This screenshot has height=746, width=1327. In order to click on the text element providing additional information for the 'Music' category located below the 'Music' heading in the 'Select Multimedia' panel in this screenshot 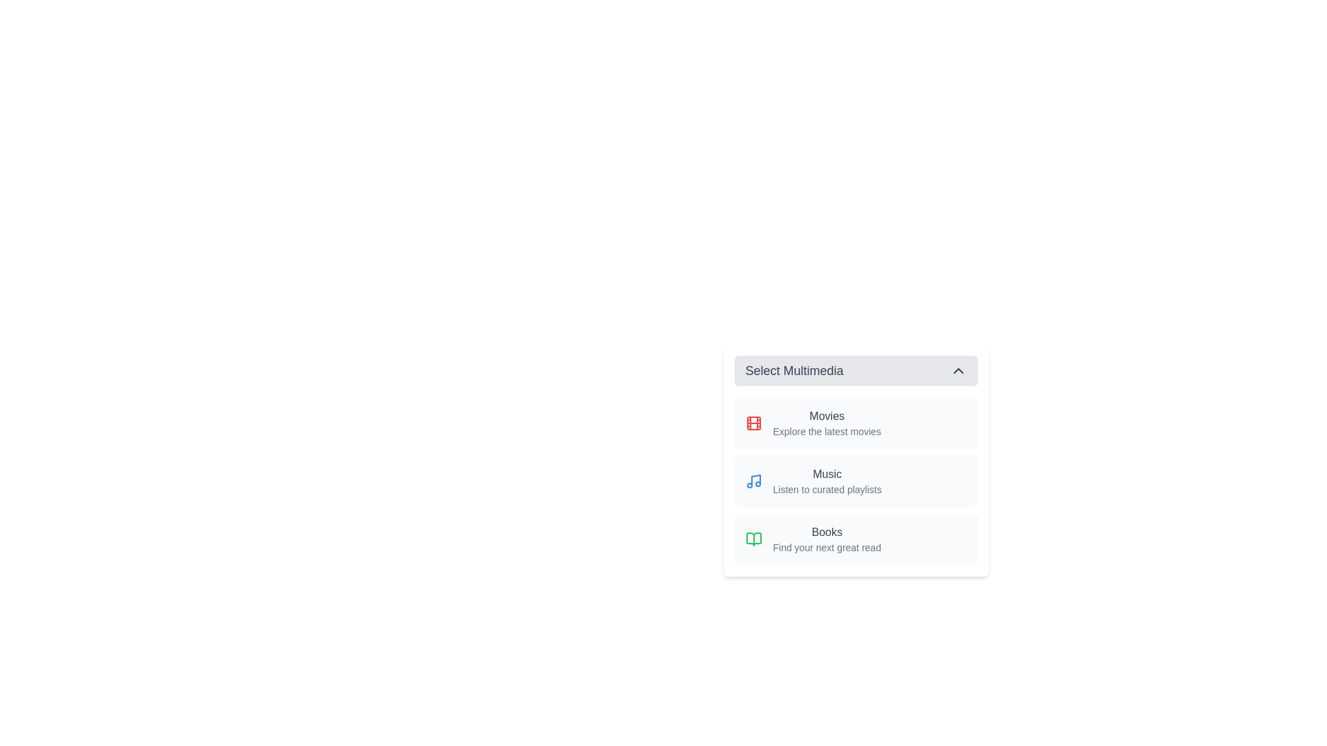, I will do `click(827, 489)`.